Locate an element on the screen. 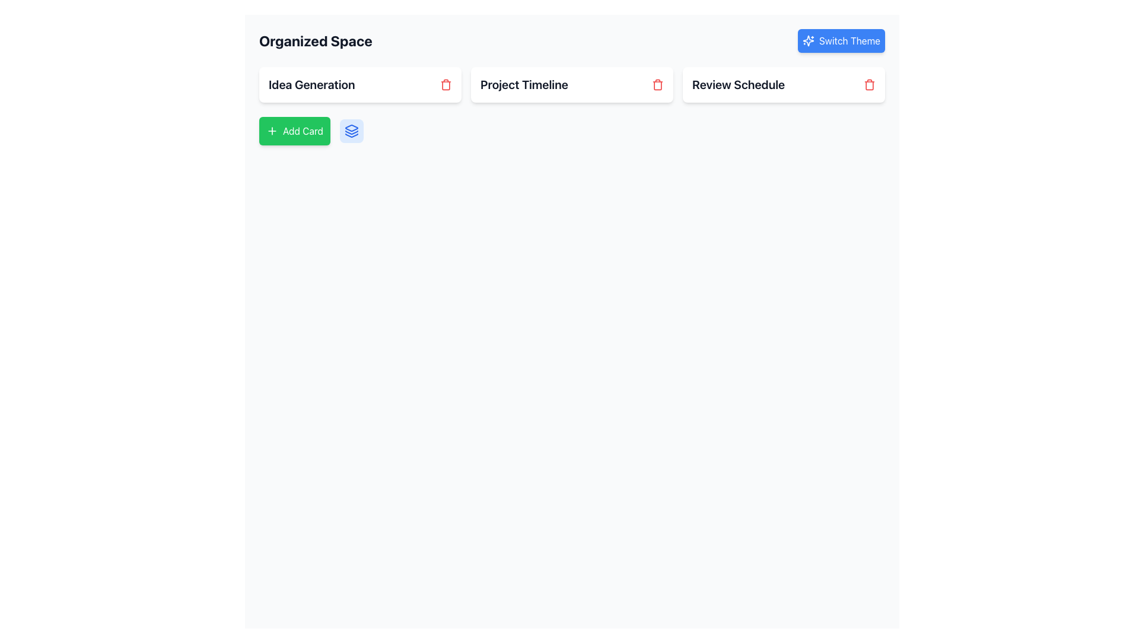 The width and height of the screenshot is (1139, 641). the static text label representing 'Project Timeline', positioned between 'Idea Generation' and 'Review Schedule' at the top center of the interface is located at coordinates (523, 84).